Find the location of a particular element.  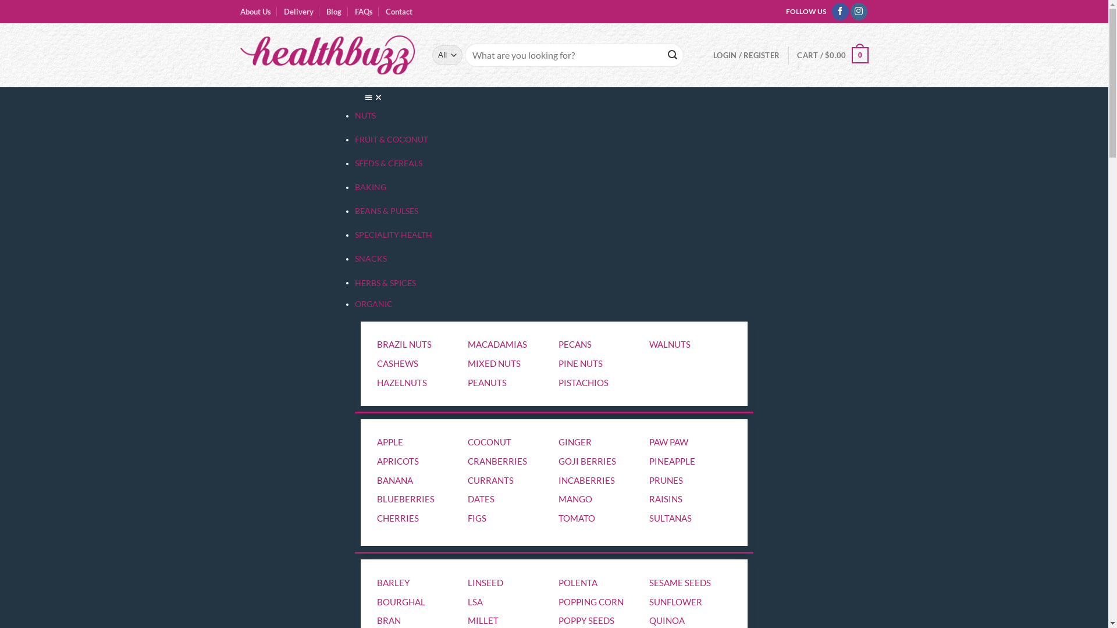

'SEEDS & CEREALS' is located at coordinates (389, 163).